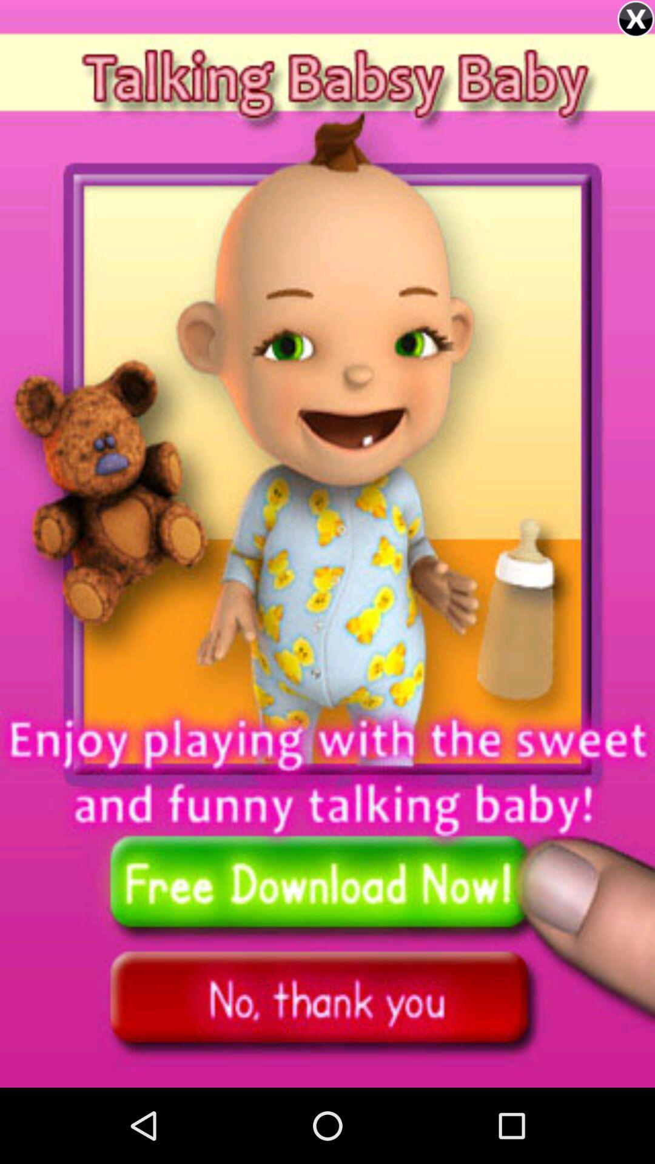  I want to click on option, so click(635, 19).